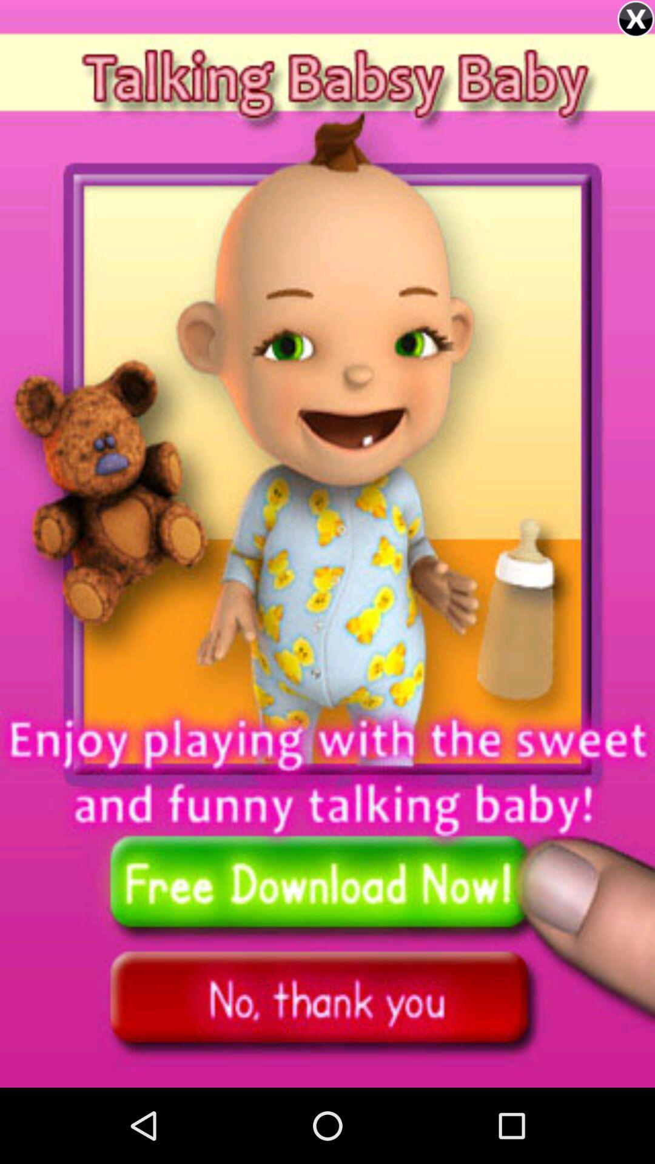  I want to click on option, so click(635, 19).